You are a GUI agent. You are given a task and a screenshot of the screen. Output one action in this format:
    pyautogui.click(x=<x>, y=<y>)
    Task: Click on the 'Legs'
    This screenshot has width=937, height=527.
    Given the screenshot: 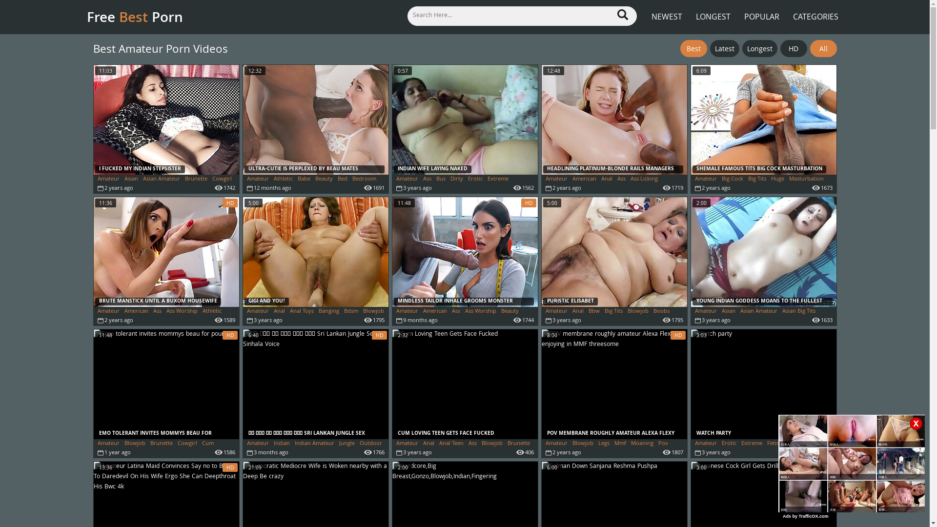 What is the action you would take?
    pyautogui.click(x=597, y=444)
    